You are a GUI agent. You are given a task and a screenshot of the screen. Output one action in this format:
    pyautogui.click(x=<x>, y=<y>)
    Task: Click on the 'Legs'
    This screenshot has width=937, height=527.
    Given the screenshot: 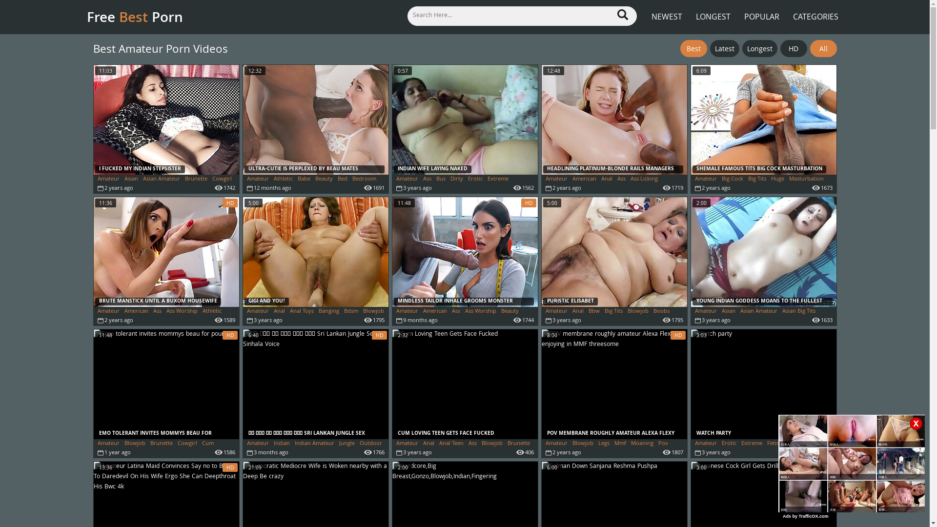 What is the action you would take?
    pyautogui.click(x=597, y=444)
    